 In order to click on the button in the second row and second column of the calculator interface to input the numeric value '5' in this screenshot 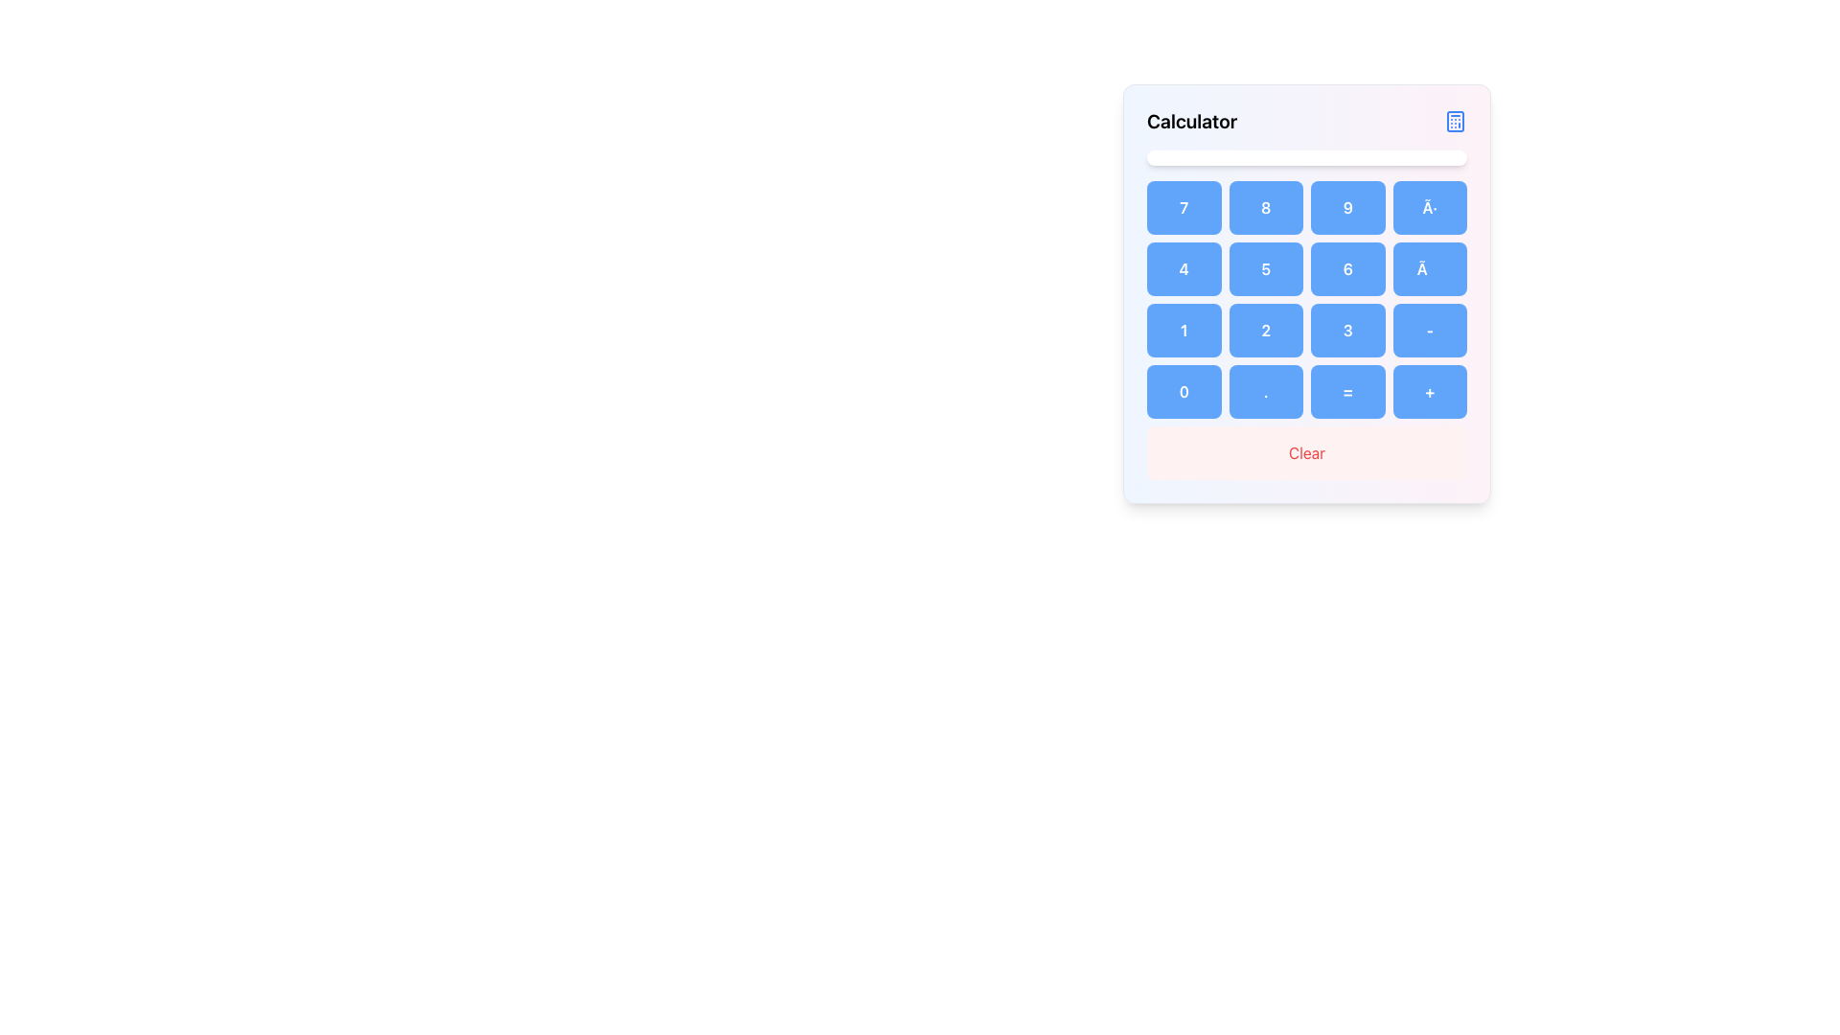, I will do `click(1266, 269)`.